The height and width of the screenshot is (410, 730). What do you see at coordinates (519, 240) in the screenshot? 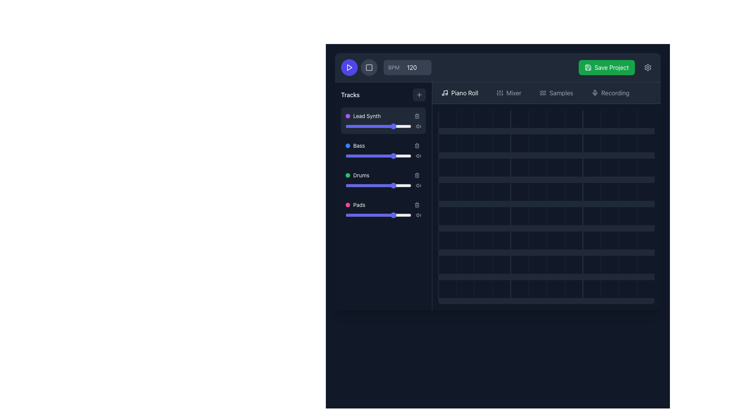
I see `the 5th square cell in the 5th row of the interactive grid within the musical track configuration interface` at bounding box center [519, 240].